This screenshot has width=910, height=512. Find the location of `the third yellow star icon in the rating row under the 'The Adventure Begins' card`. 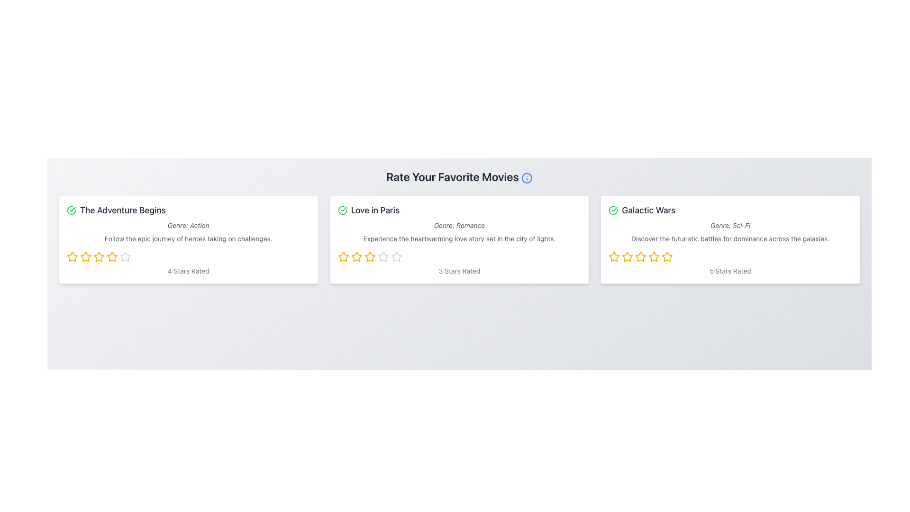

the third yellow star icon in the rating row under the 'The Adventure Begins' card is located at coordinates (86, 257).